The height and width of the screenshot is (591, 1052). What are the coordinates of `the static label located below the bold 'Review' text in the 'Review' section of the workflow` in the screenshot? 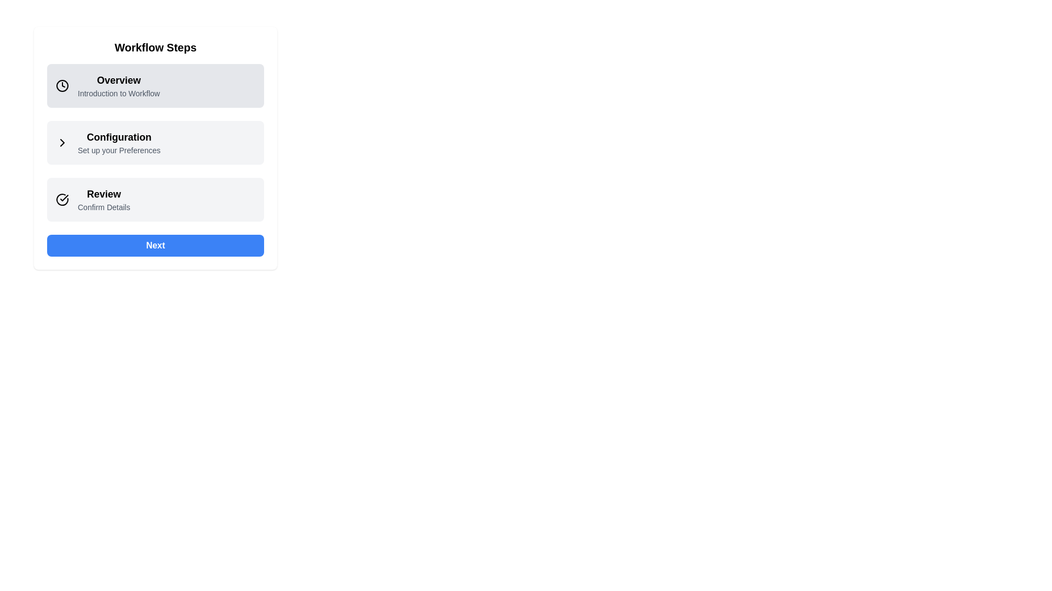 It's located at (104, 207).